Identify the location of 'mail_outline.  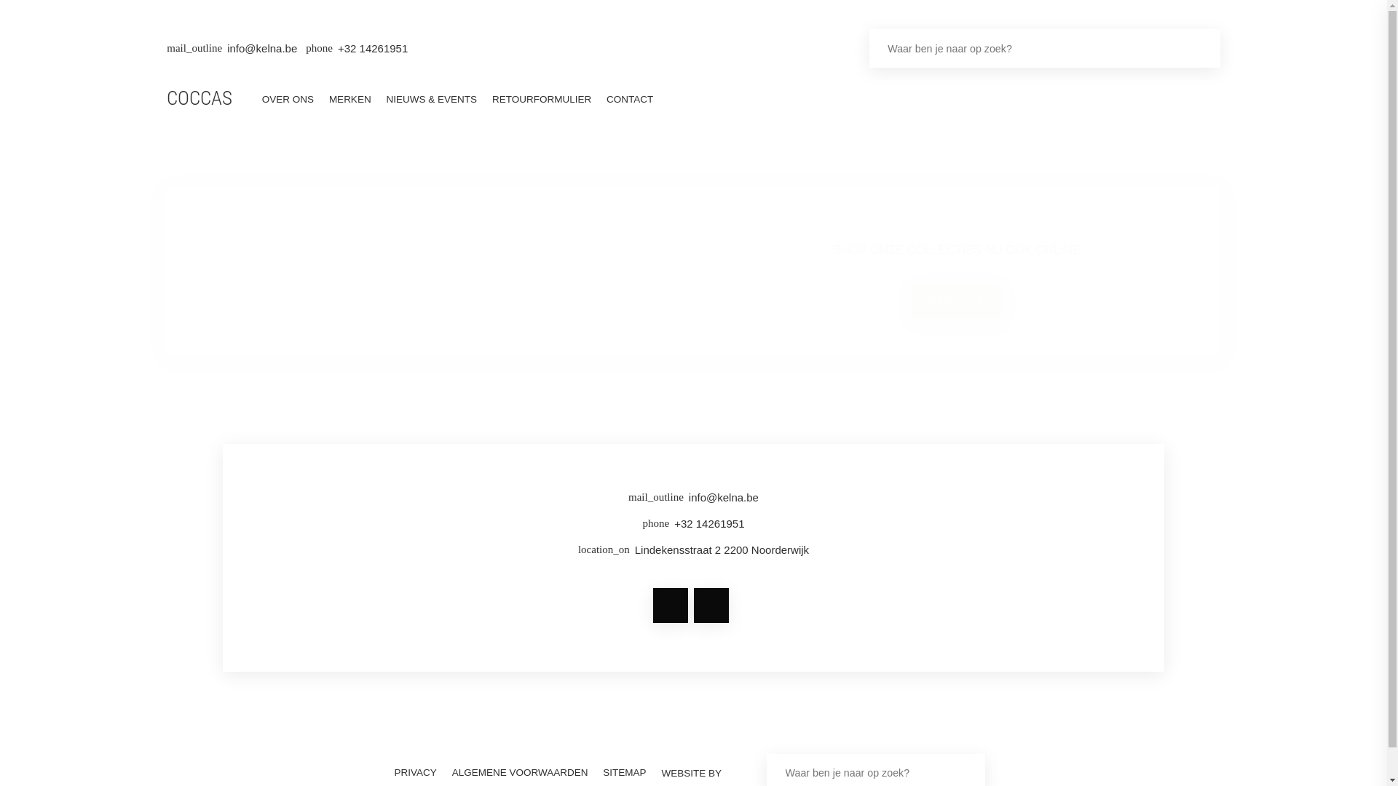
(266, 499).